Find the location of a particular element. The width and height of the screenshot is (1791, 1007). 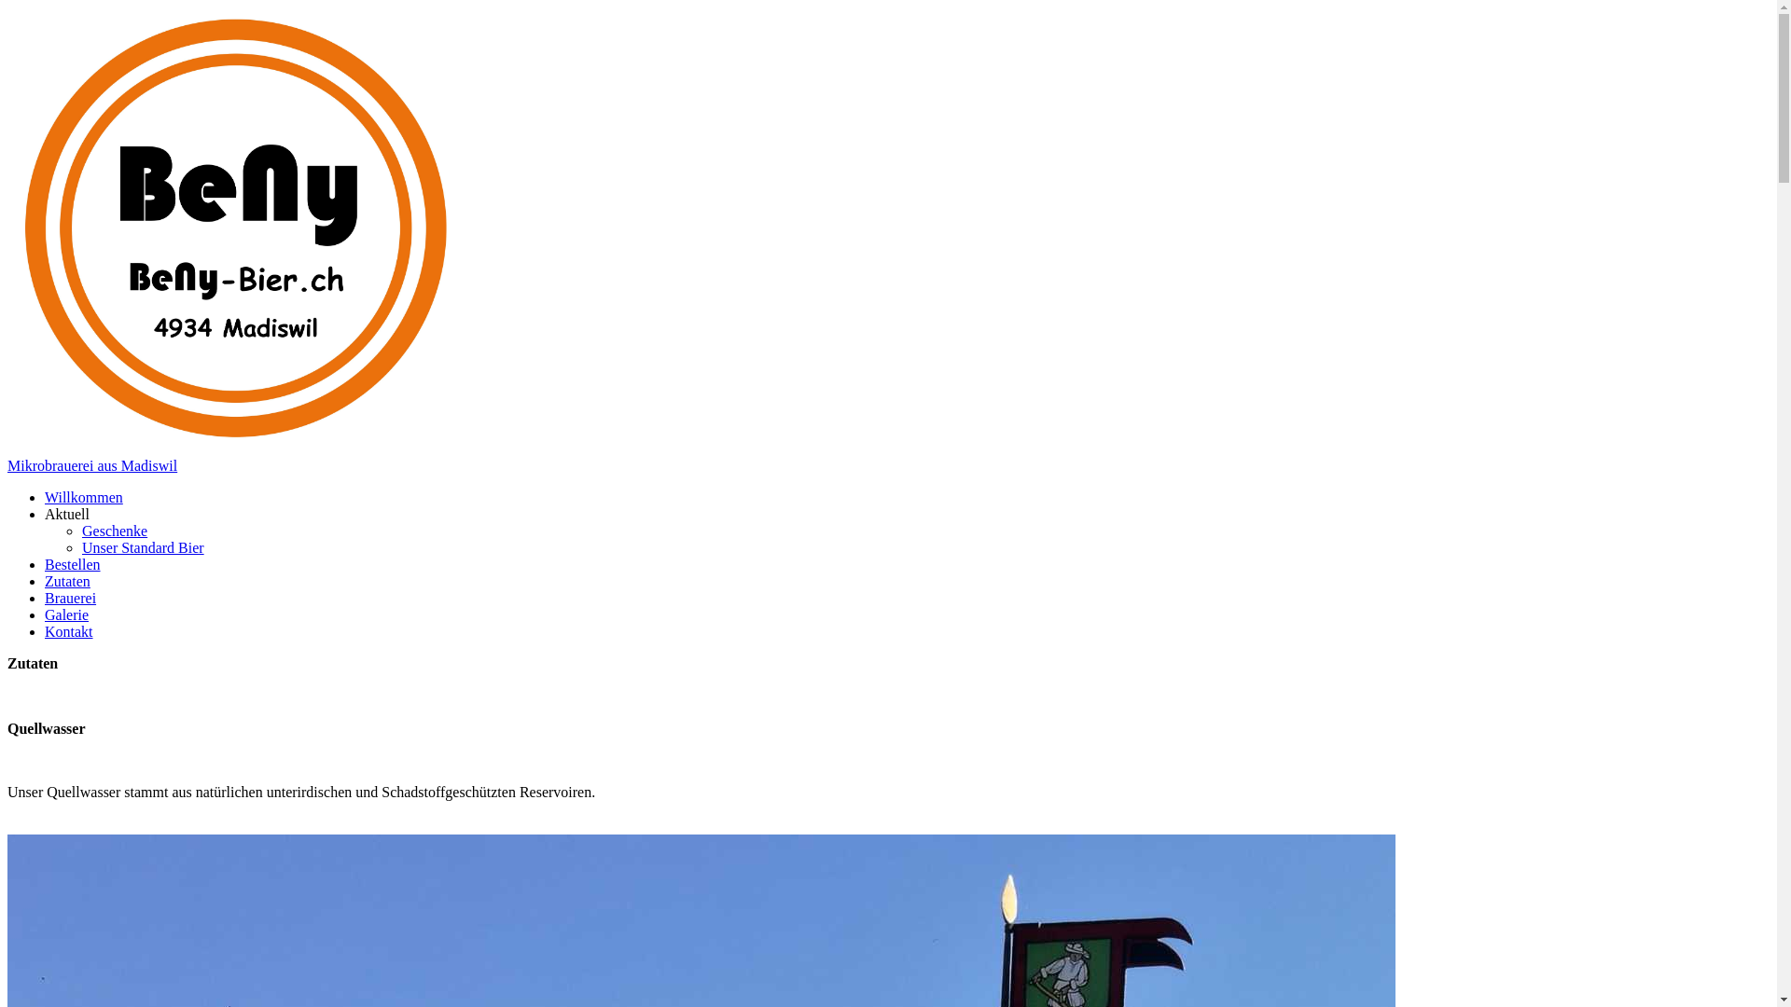

'Zutaten' is located at coordinates (67, 579).